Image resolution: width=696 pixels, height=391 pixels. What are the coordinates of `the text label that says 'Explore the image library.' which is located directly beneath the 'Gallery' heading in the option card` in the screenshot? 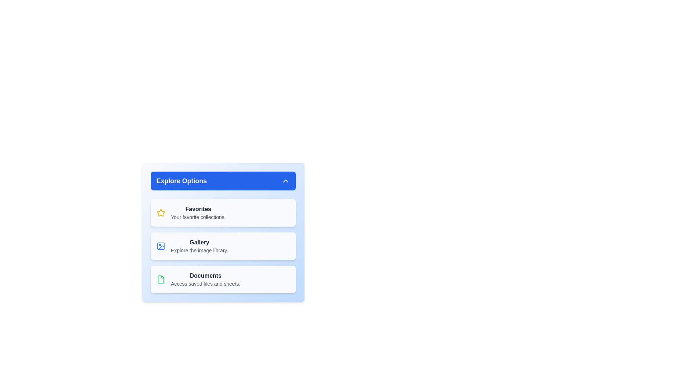 It's located at (199, 250).